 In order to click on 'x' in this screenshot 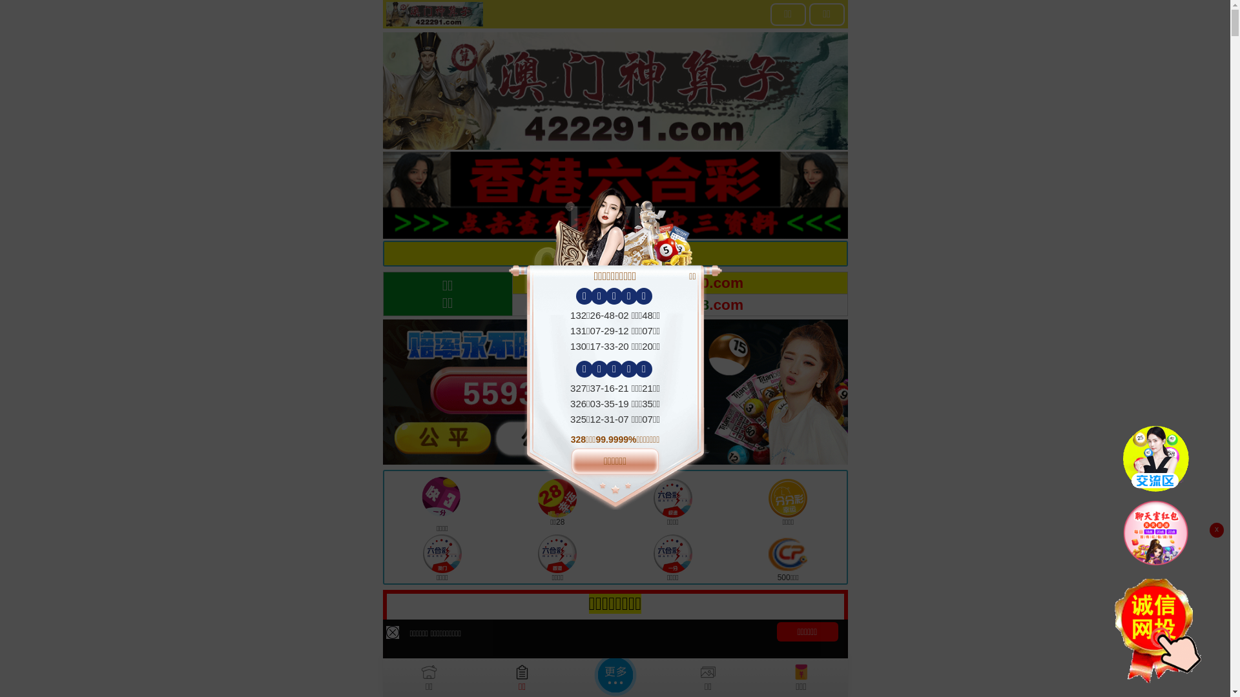, I will do `click(1215, 530)`.